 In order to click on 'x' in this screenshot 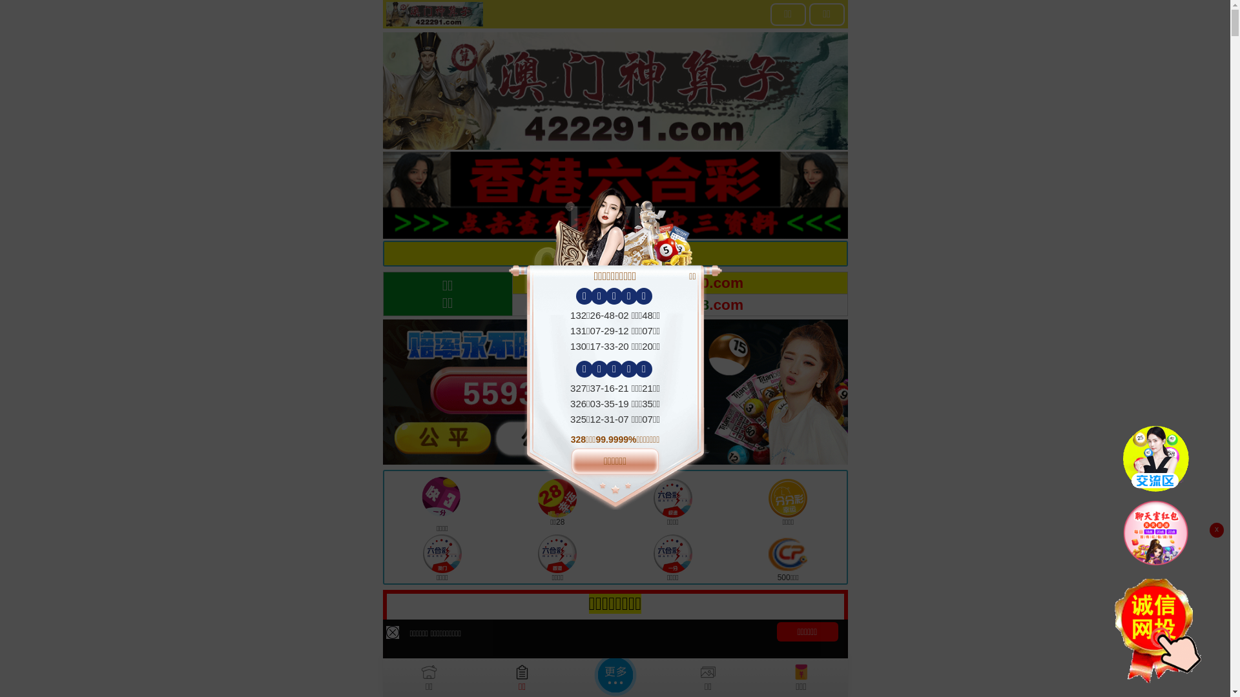, I will do `click(1215, 530)`.